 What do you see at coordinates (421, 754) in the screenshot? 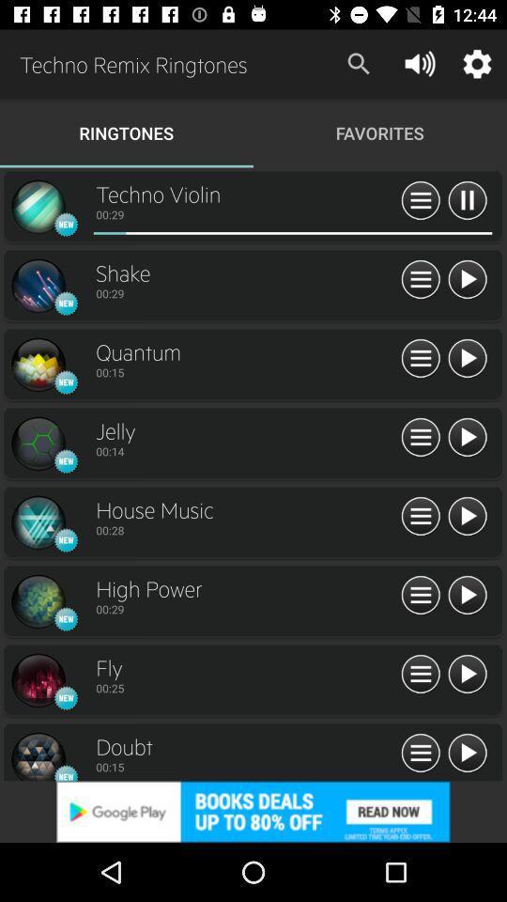
I see `menu option` at bounding box center [421, 754].